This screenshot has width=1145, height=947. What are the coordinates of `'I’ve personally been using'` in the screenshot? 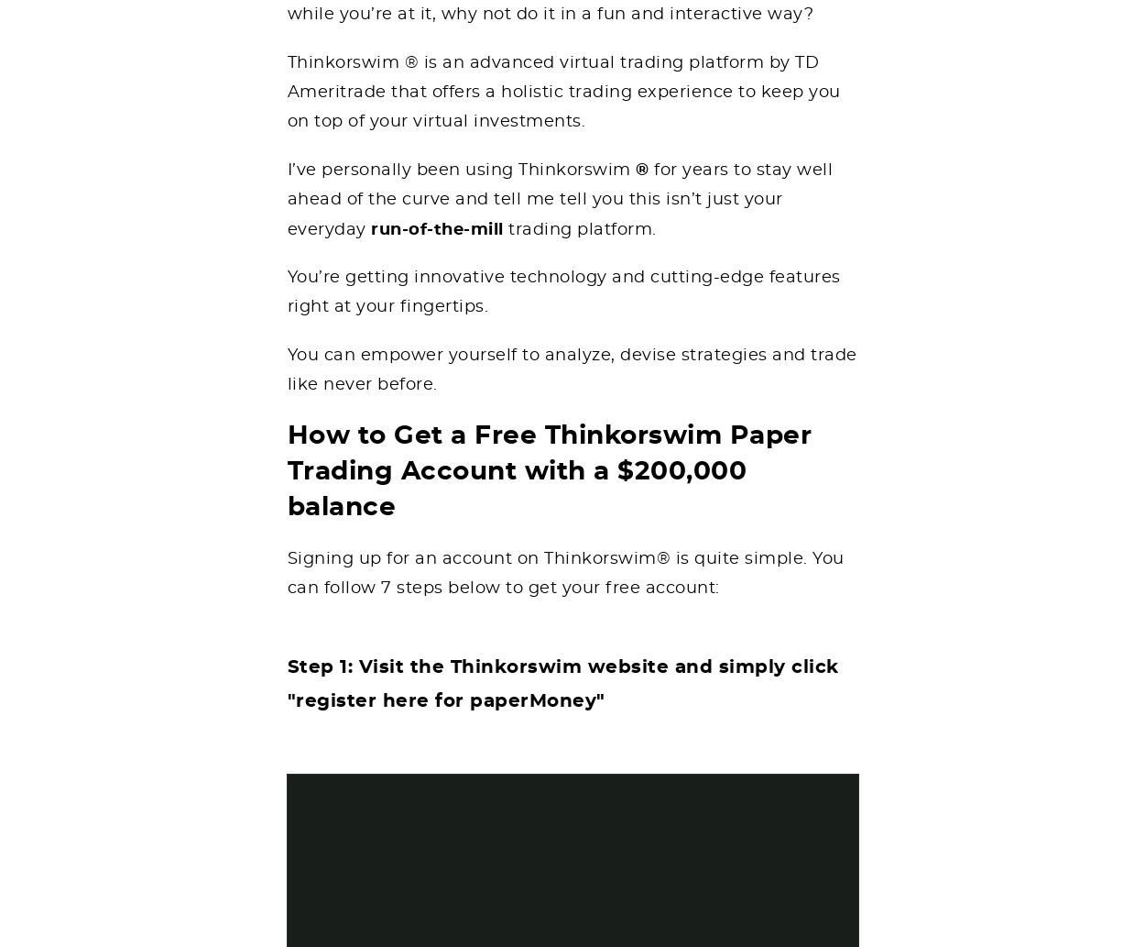 It's located at (401, 169).